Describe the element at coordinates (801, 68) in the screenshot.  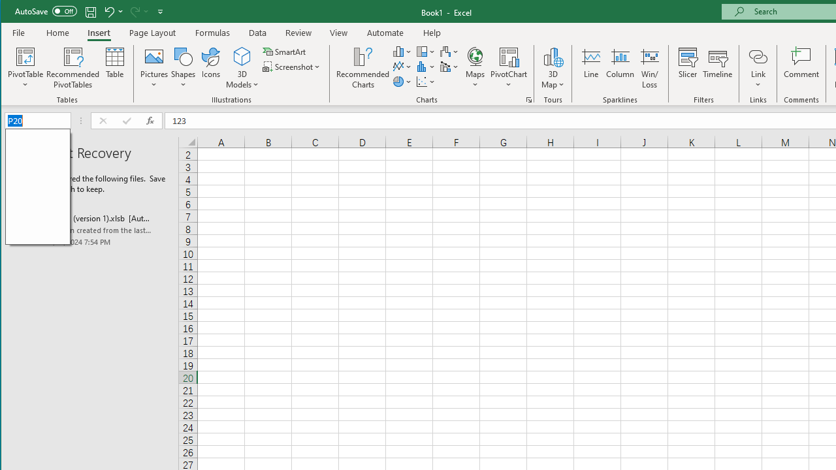
I see `'Comment'` at that location.